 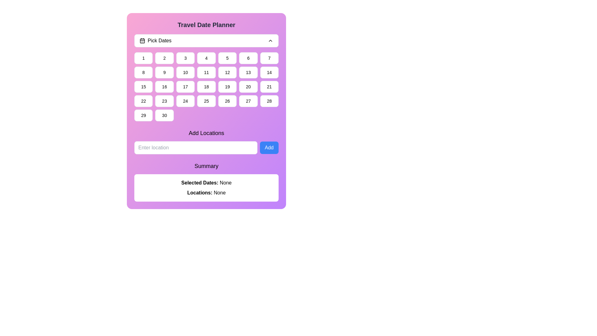 What do you see at coordinates (164, 86) in the screenshot?
I see `the button` at bounding box center [164, 86].